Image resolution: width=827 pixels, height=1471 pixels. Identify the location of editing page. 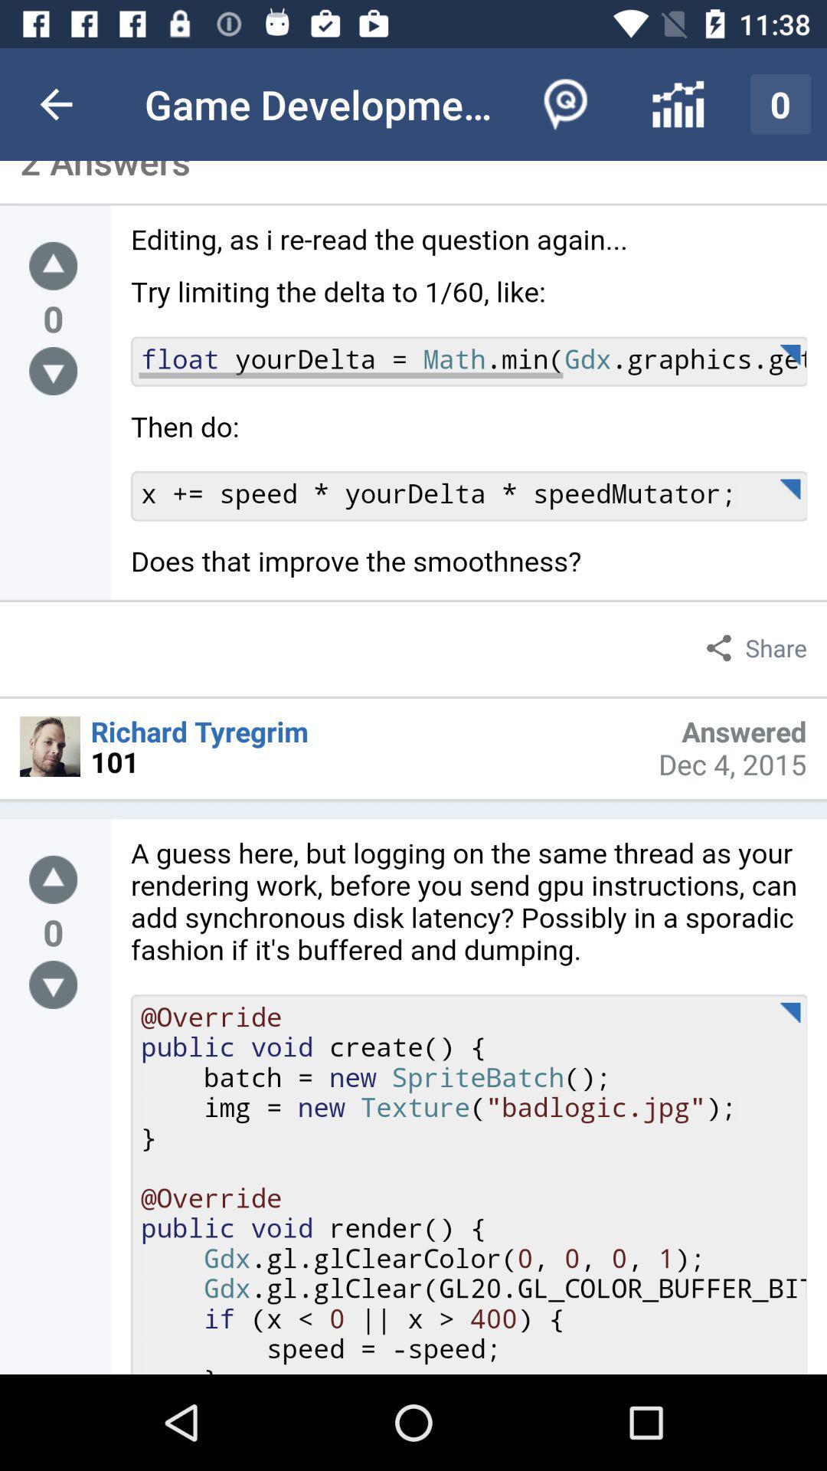
(52, 266).